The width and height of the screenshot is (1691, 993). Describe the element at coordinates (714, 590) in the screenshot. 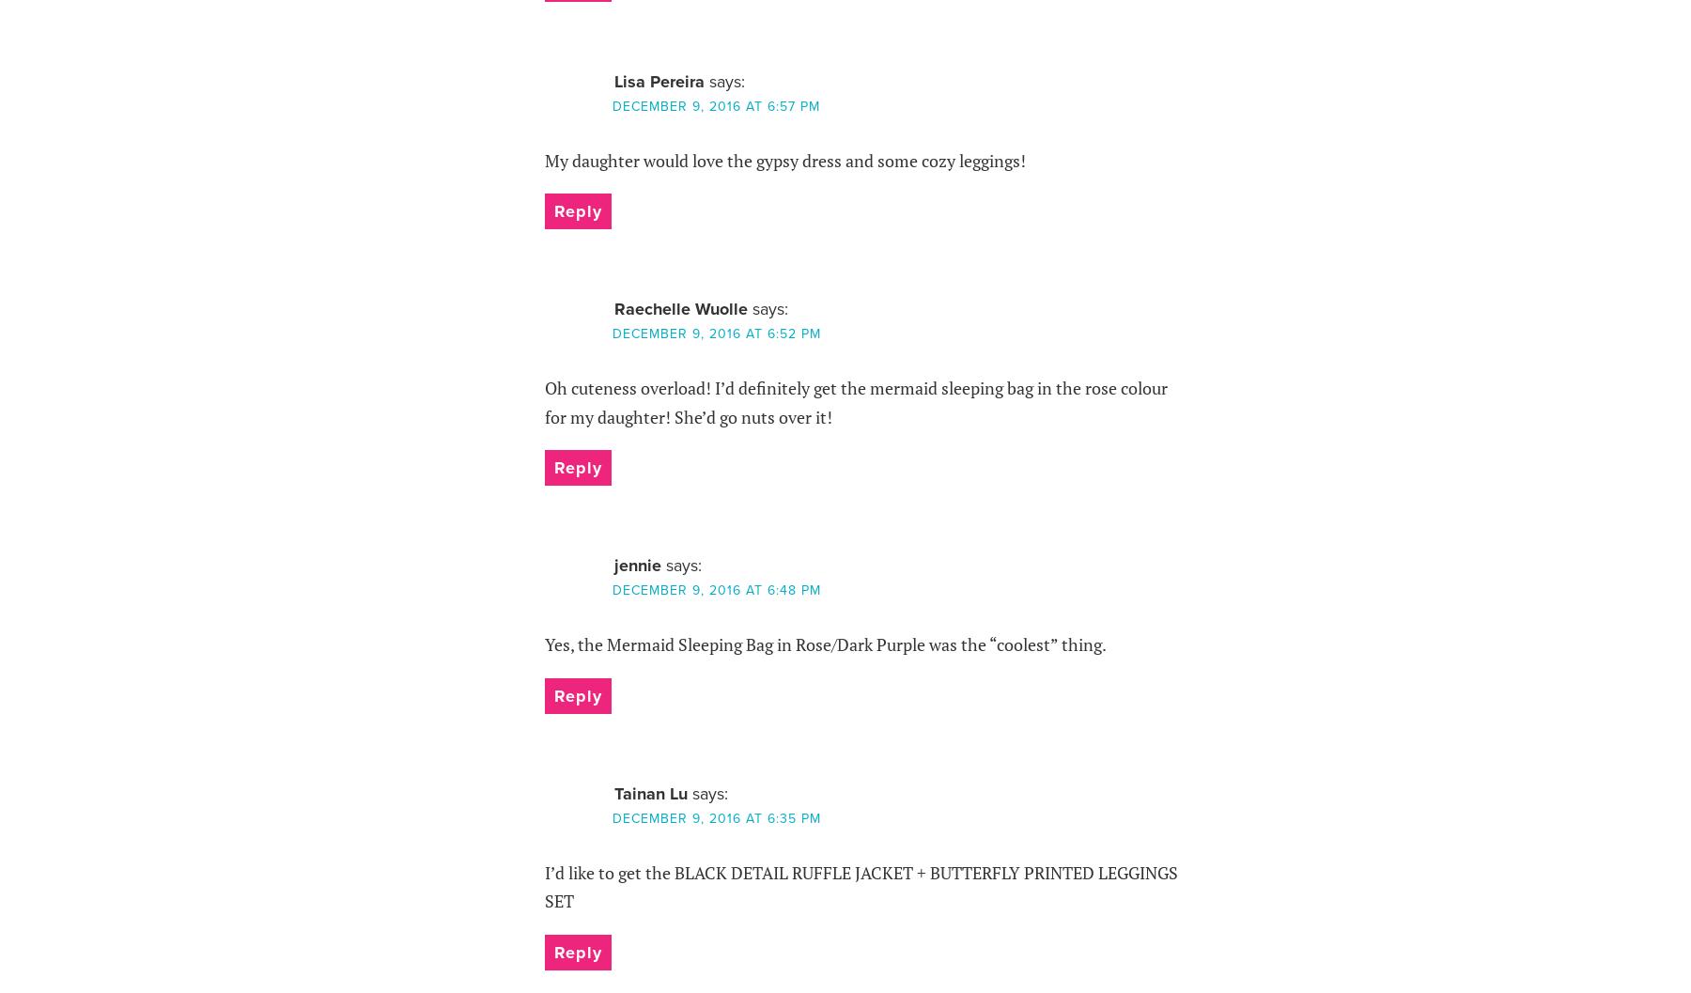

I see `'December 9, 2016 at 6:48 pm'` at that location.